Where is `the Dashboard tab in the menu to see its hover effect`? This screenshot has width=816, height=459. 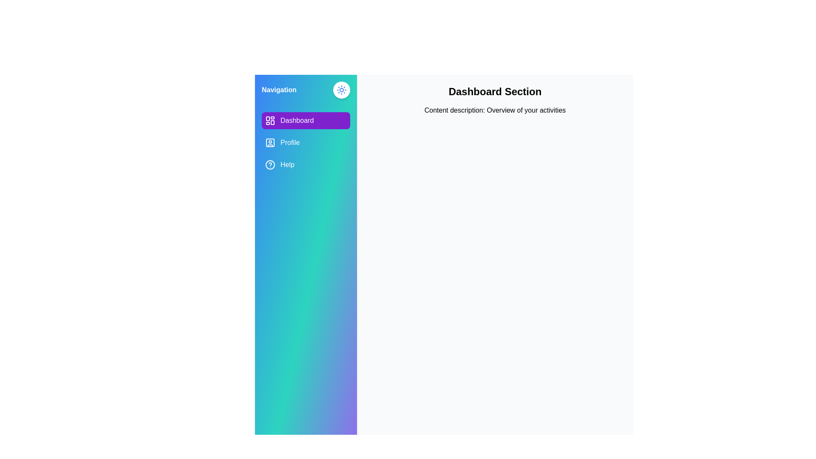
the Dashboard tab in the menu to see its hover effect is located at coordinates (306, 121).